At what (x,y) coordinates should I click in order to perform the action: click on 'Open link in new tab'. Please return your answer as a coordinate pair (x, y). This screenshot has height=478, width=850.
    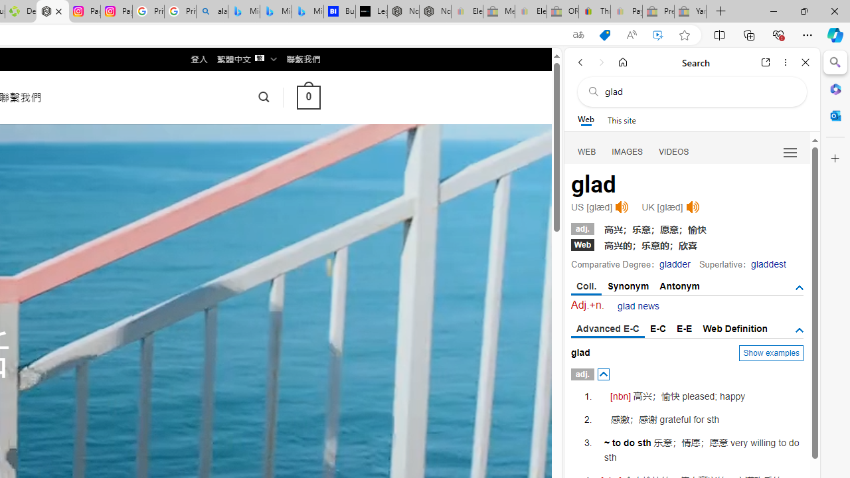
    Looking at the image, I should click on (766, 62).